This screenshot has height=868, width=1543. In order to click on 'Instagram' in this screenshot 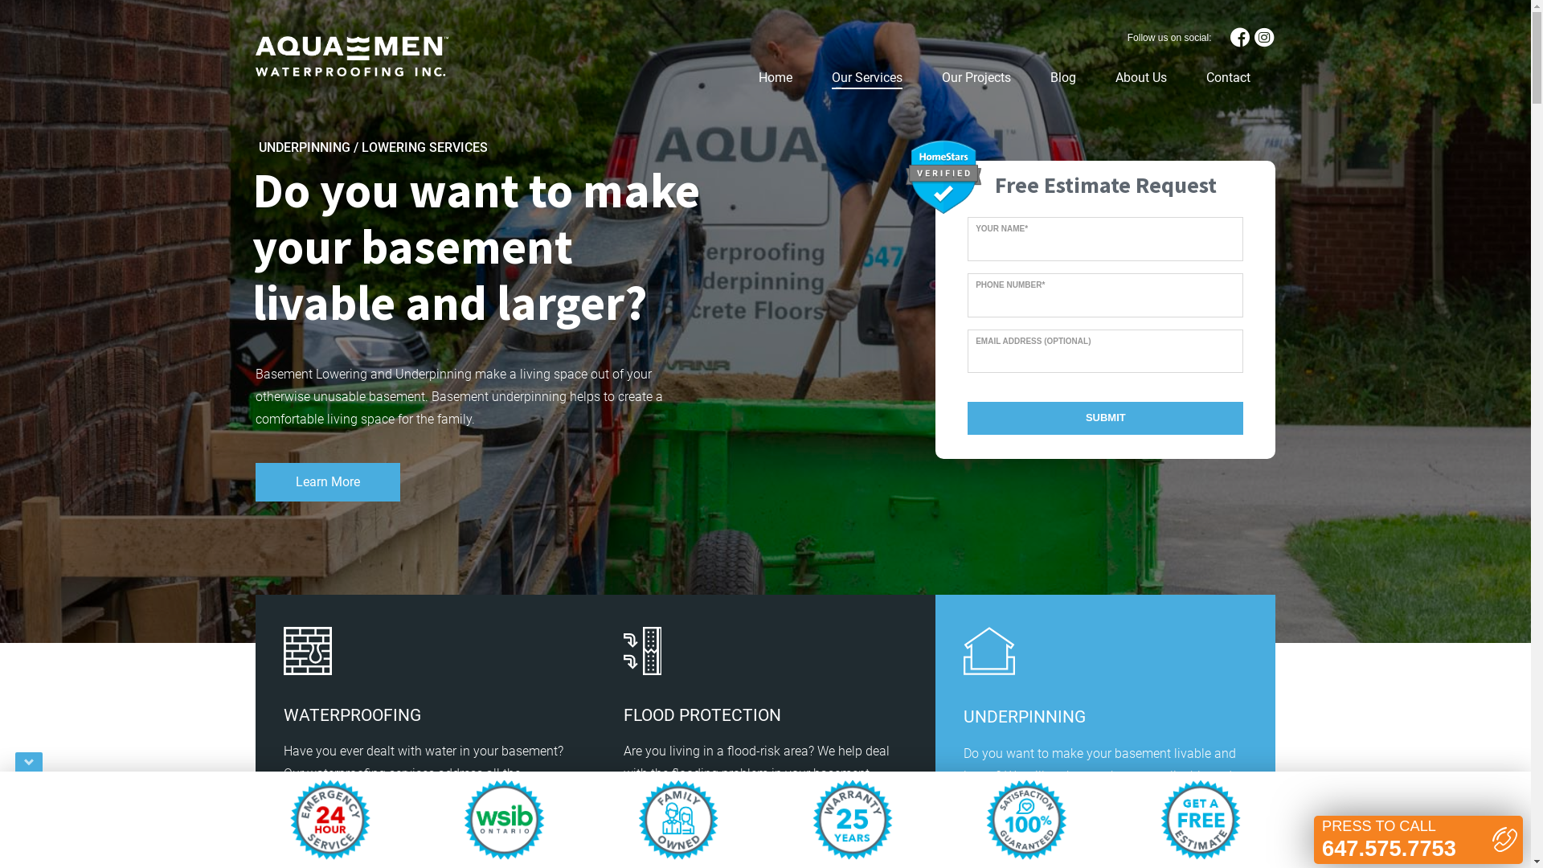, I will do `click(1263, 36)`.